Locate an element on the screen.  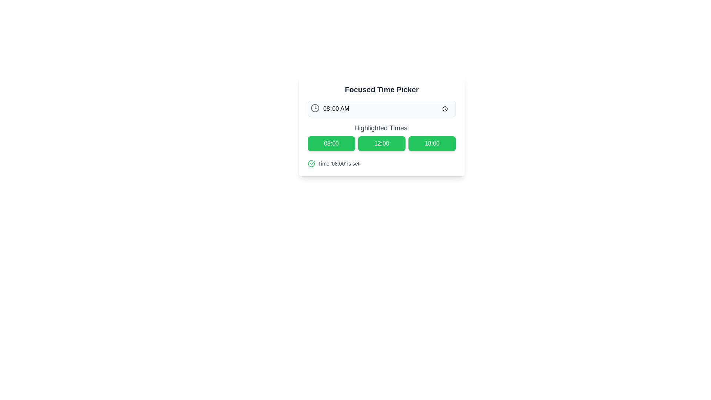
the second button in the time picker interface is located at coordinates (382, 144).